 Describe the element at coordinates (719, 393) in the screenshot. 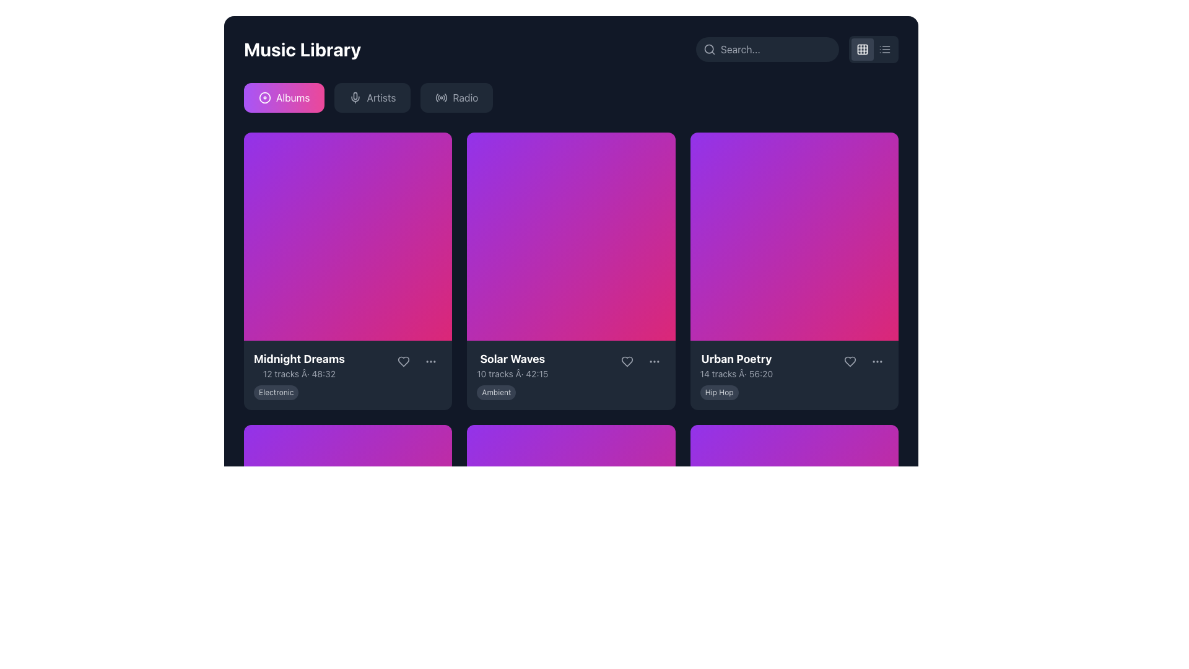

I see `the 'Hip Hop' label, which is a pill-shaped label with a dark gray background and white text, located at the bottom-left corner of the 'Urban Poetry' album card in the Music Library interface` at that location.